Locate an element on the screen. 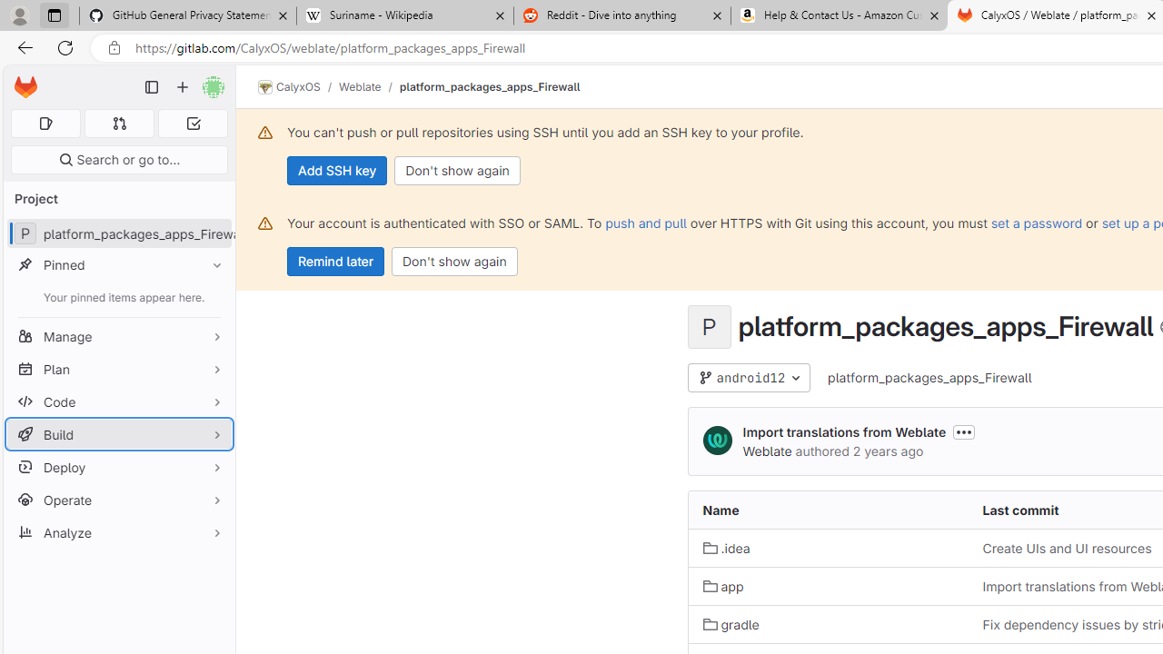 The width and height of the screenshot is (1163, 654). 'Plan' is located at coordinates (118, 368).